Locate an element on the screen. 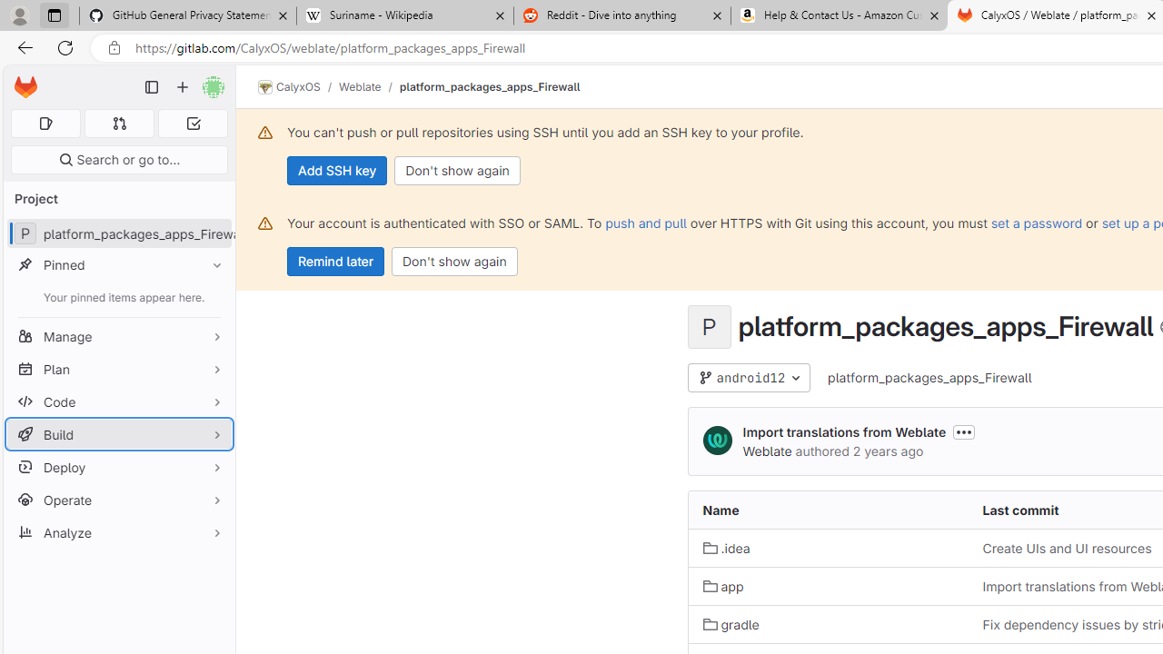 The width and height of the screenshot is (1163, 654). 'Plan' is located at coordinates (118, 368).